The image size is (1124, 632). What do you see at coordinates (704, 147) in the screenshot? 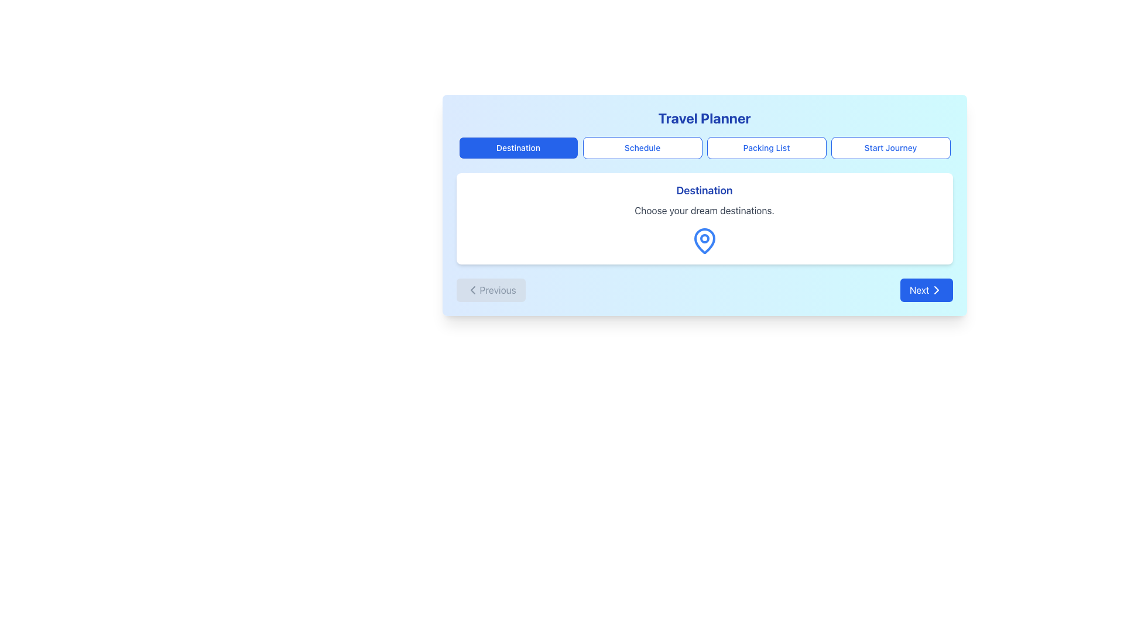
I see `an option in the navigation menu located beneath the 'Travel Planner' title` at bounding box center [704, 147].